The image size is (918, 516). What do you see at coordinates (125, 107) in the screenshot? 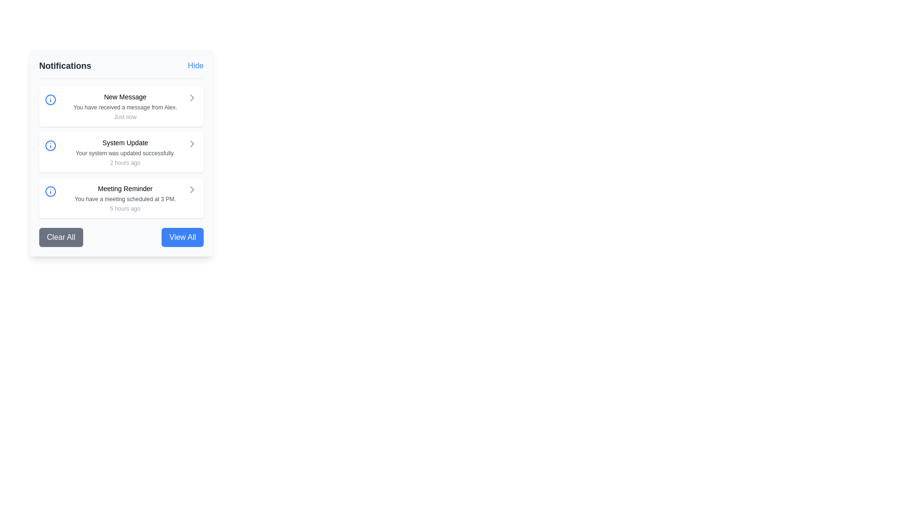
I see `message content displayed in the small gray font stating 'You have received a message from Alex.' positioned below the 'New Message' heading in the Notifications panel` at bounding box center [125, 107].